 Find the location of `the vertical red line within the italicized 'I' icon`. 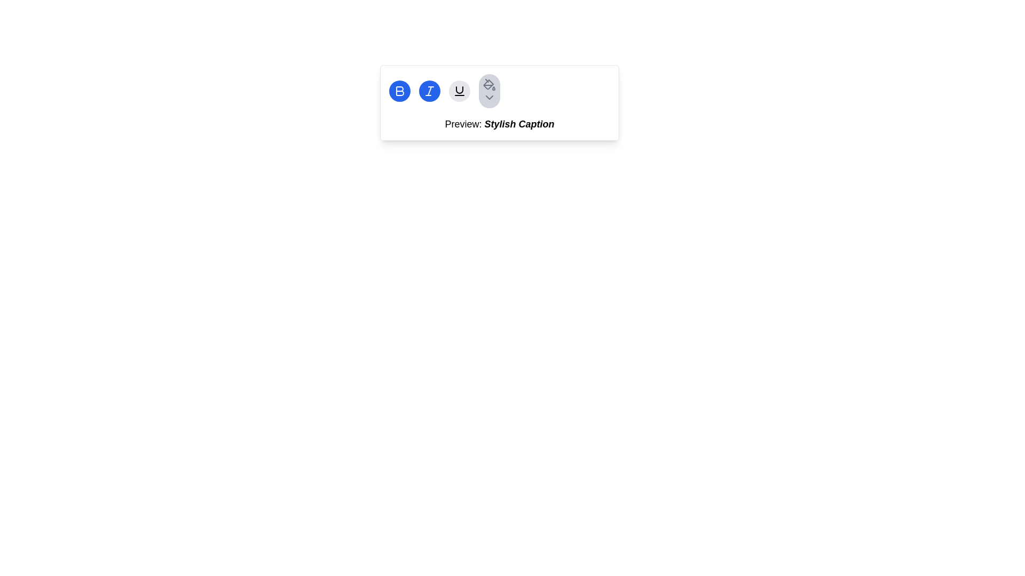

the vertical red line within the italicized 'I' icon is located at coordinates (430, 90).